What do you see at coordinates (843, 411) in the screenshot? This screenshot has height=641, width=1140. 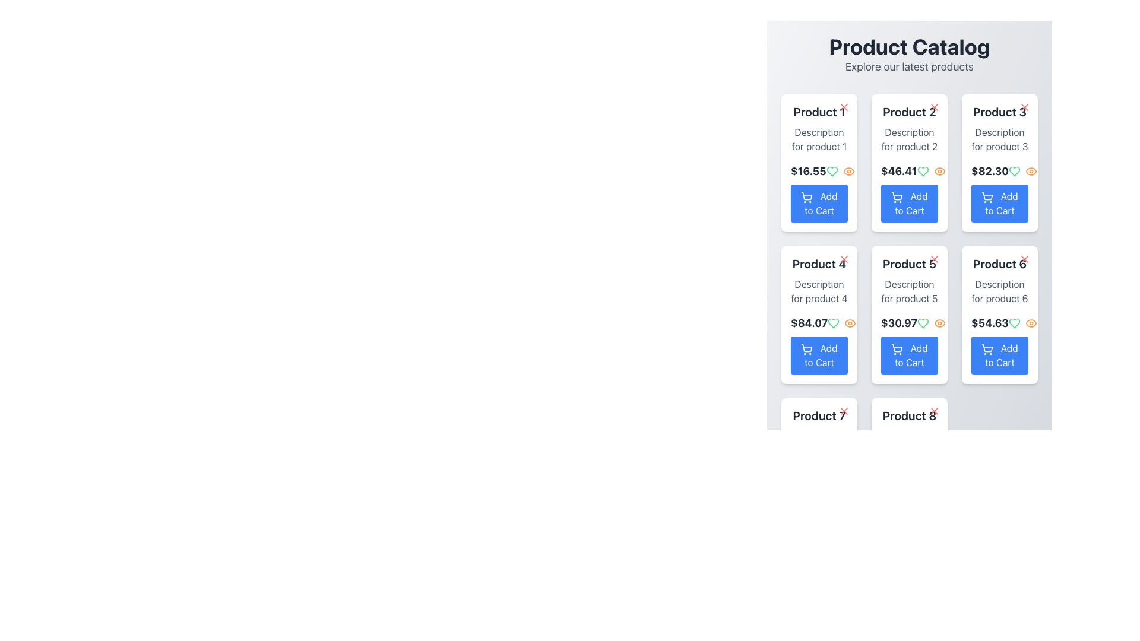 I see `the close icon represented by a diagonal cross ('X') located in the top-right corner of the 'Product 6' card in the grid layout` at bounding box center [843, 411].